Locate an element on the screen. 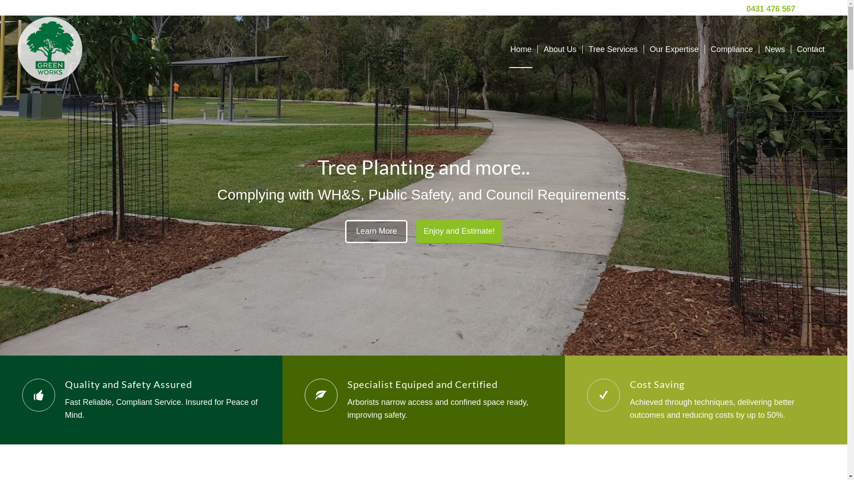  'Learn More' is located at coordinates (376, 231).